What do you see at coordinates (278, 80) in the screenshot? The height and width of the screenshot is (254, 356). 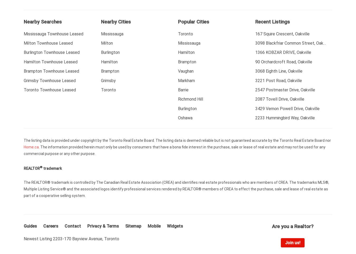 I see `'3221 Post Road, Oakville'` at bounding box center [278, 80].